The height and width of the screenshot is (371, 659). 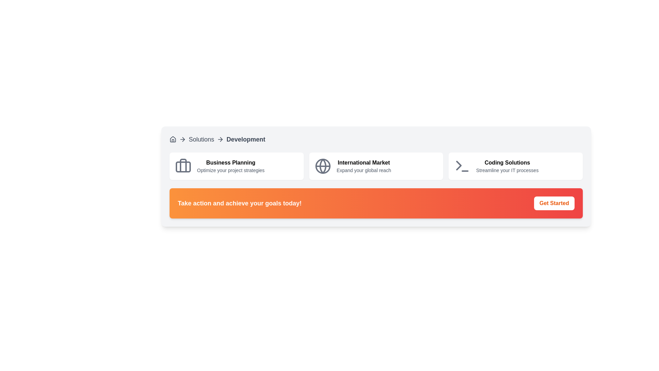 I want to click on the static text element displaying 'Streamline your IT processes' in gray font, which is positioned beneath the 'Coding Solutions' headline within the rightmost card, so click(x=507, y=170).